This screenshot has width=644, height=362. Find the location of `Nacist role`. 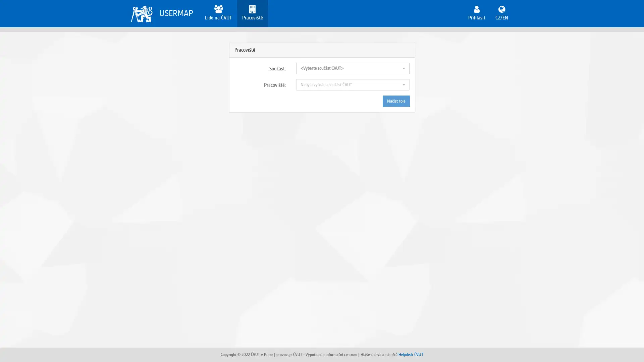

Nacist role is located at coordinates (396, 101).